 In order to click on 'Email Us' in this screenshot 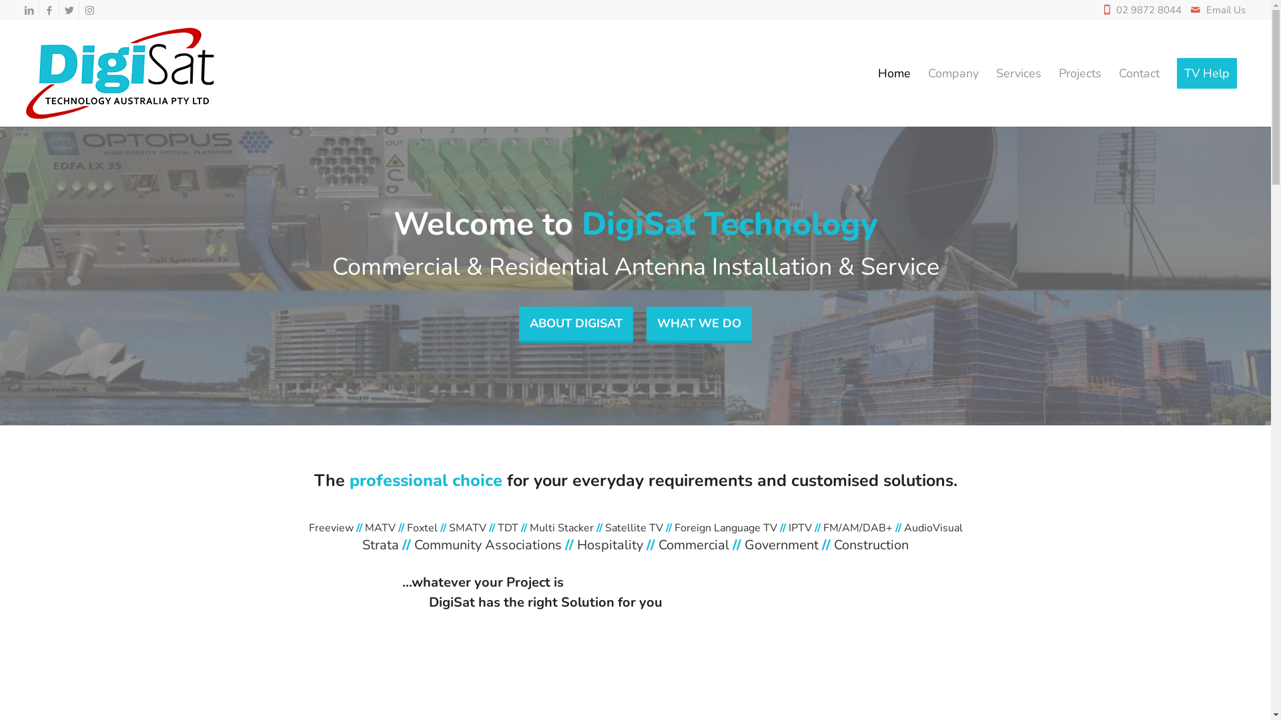, I will do `click(1226, 10)`.